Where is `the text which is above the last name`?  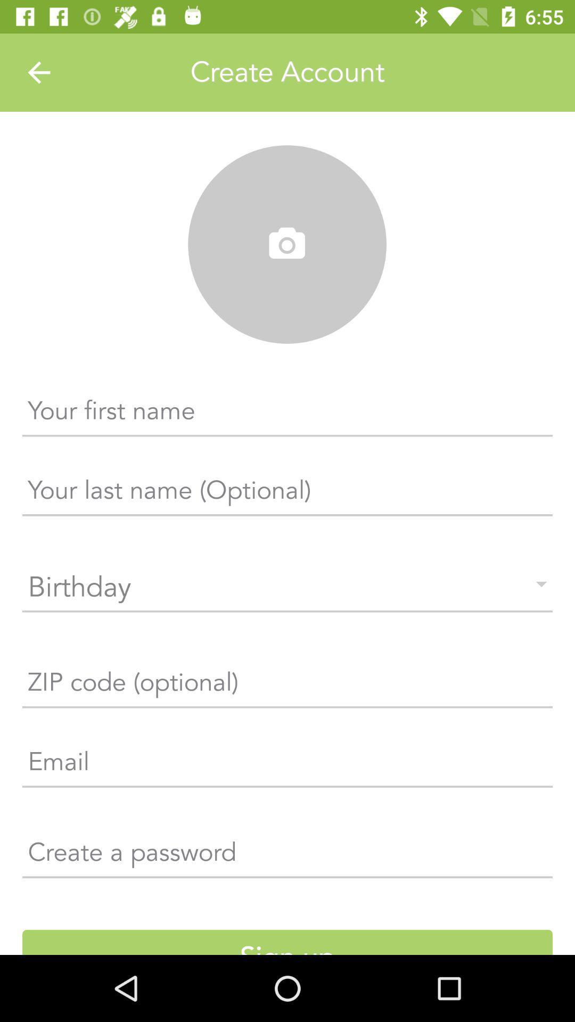
the text which is above the last name is located at coordinates (287, 414).